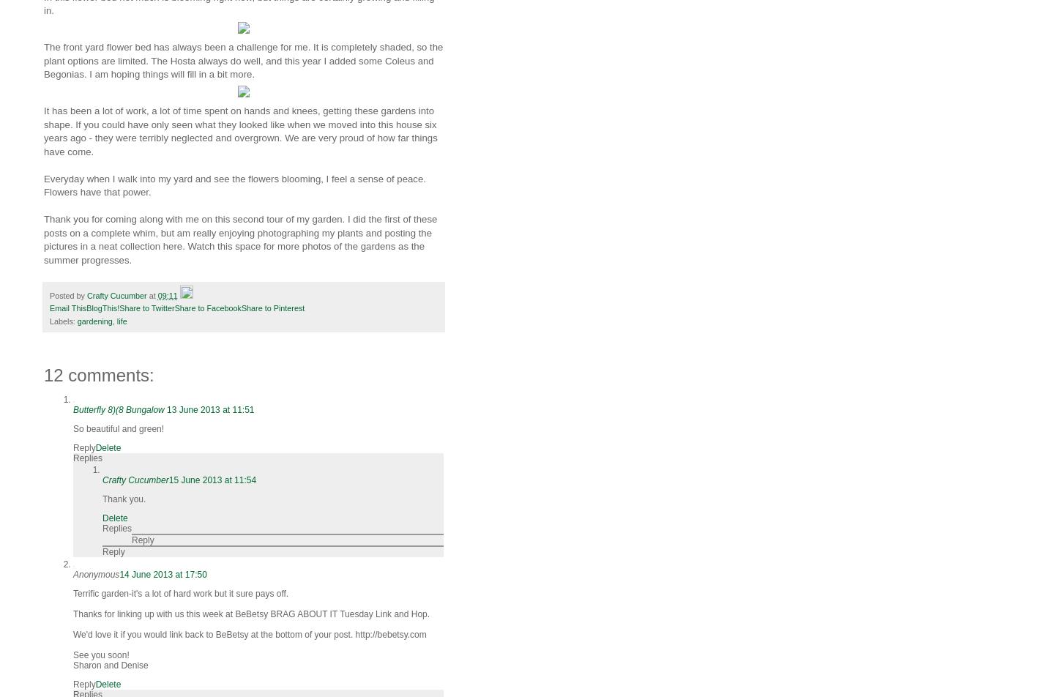 The image size is (1060, 697). What do you see at coordinates (118, 428) in the screenshot?
I see `'So beautiful and green!'` at bounding box center [118, 428].